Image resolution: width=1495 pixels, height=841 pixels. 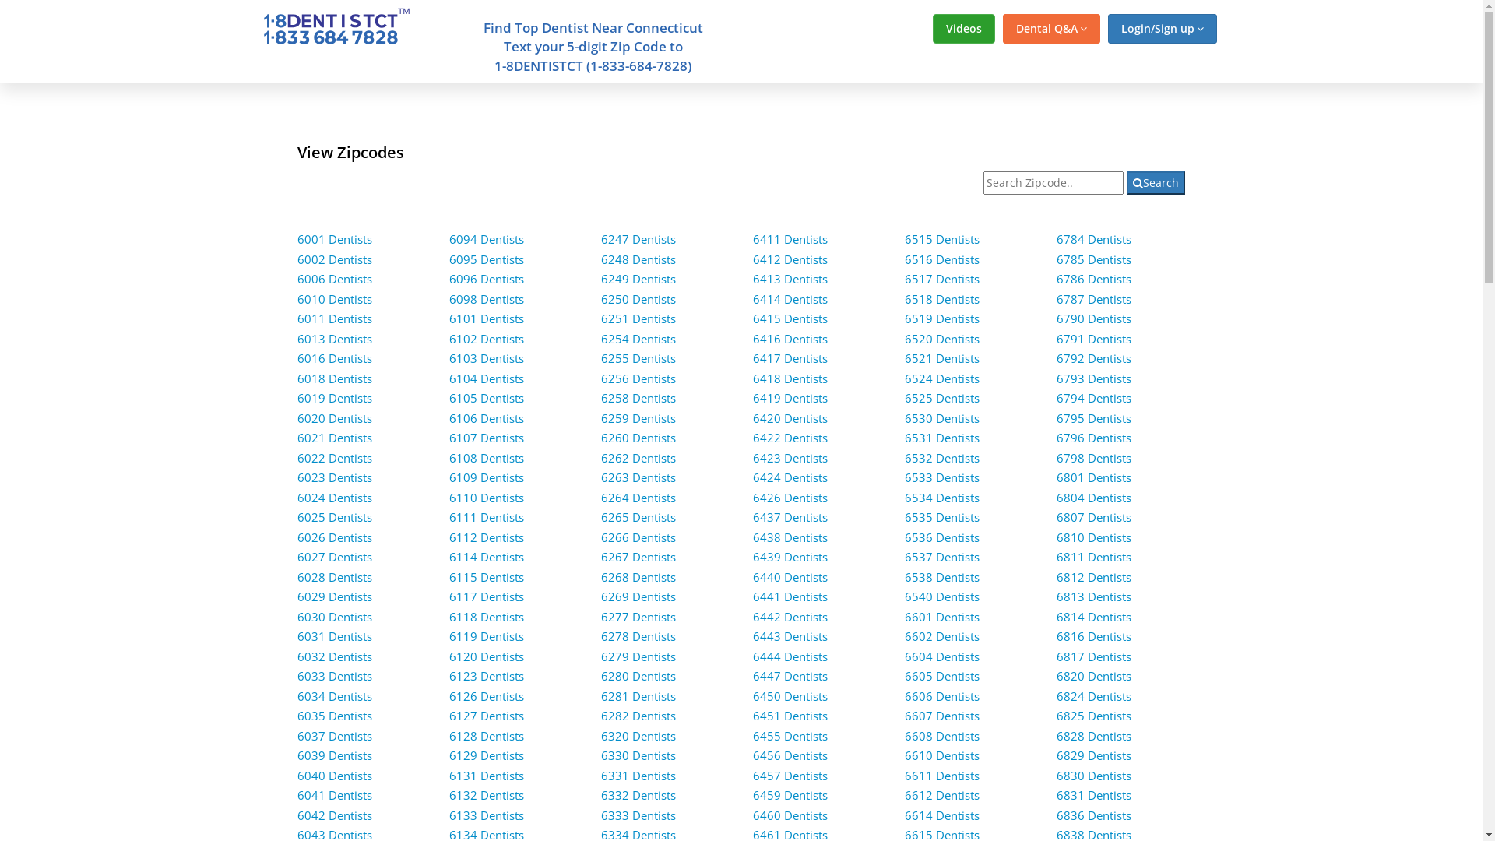 What do you see at coordinates (334, 615) in the screenshot?
I see `'6030 Dentists'` at bounding box center [334, 615].